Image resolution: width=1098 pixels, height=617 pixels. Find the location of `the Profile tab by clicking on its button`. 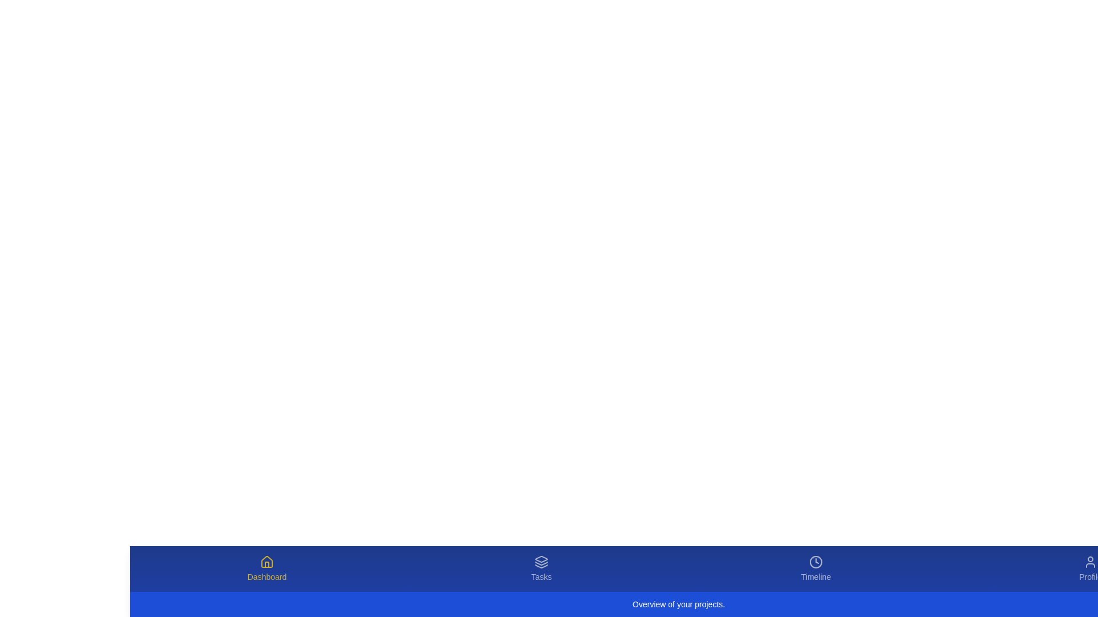

the Profile tab by clicking on its button is located at coordinates (1089, 568).